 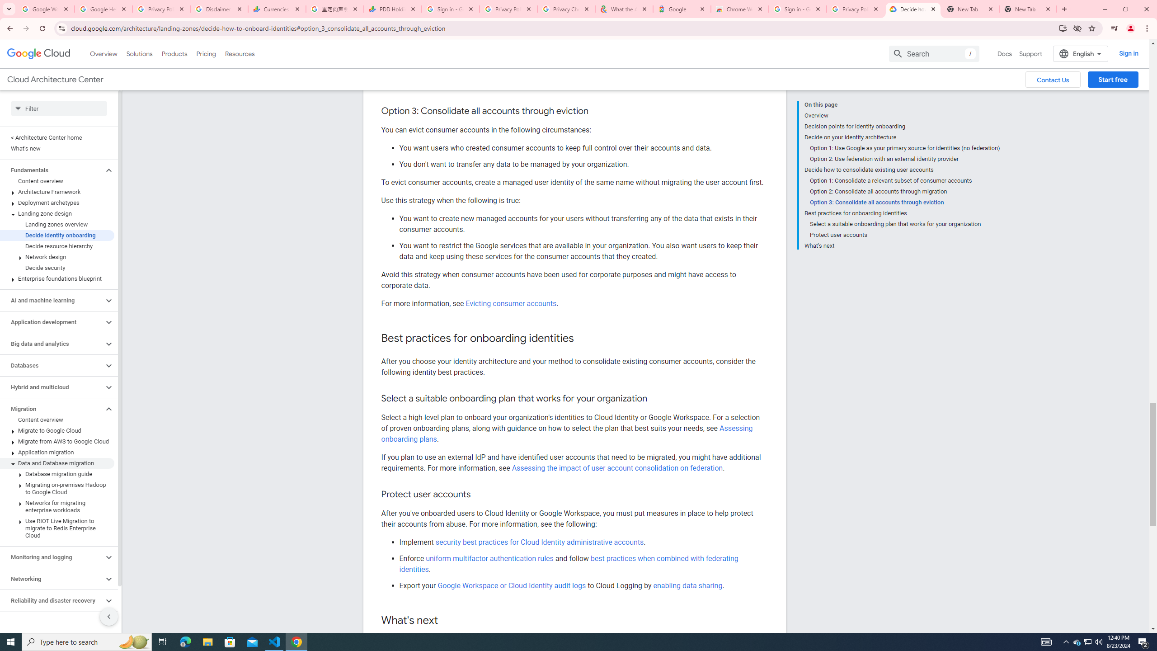 I want to click on 'Search', so click(x=933, y=53).